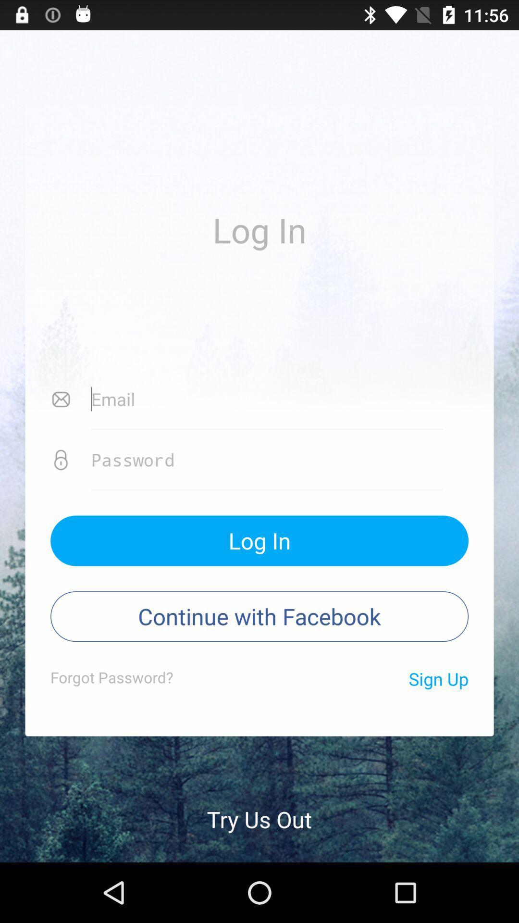  Describe the element at coordinates (267, 399) in the screenshot. I see `email` at that location.